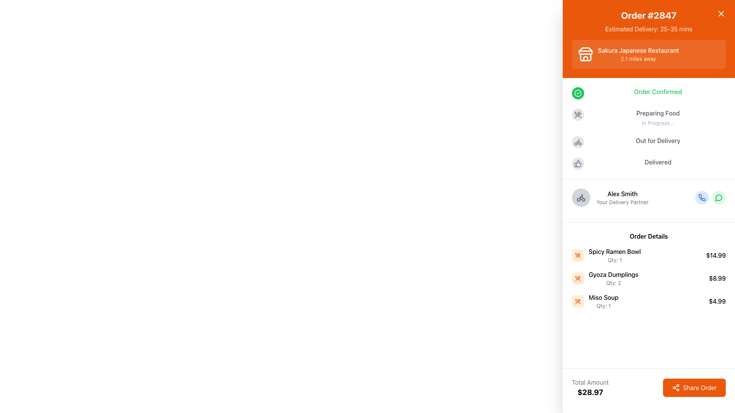 The width and height of the screenshot is (735, 413). What do you see at coordinates (578, 93) in the screenshot?
I see `the Status indicator button that shows the confirmed status of the order, located to the left of the 'Order Confirmed' label in the 'Order Tracking' section` at bounding box center [578, 93].